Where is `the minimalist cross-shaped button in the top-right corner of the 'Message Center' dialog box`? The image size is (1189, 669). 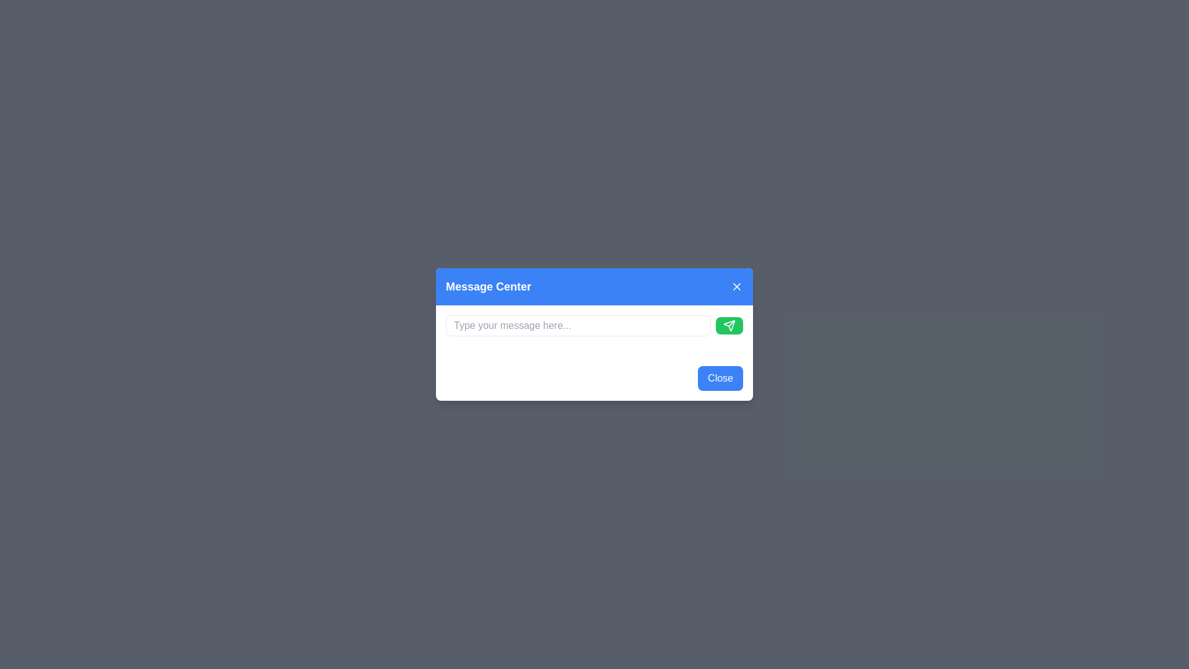 the minimalist cross-shaped button in the top-right corner of the 'Message Center' dialog box is located at coordinates (737, 286).